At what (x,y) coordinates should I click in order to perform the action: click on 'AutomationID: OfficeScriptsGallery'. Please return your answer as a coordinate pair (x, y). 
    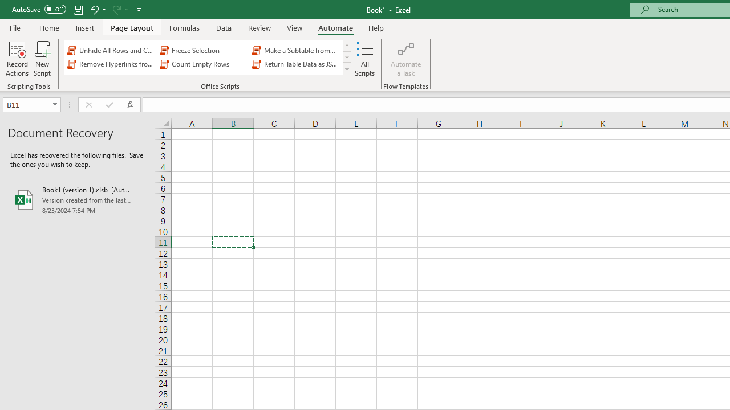
    Looking at the image, I should click on (208, 57).